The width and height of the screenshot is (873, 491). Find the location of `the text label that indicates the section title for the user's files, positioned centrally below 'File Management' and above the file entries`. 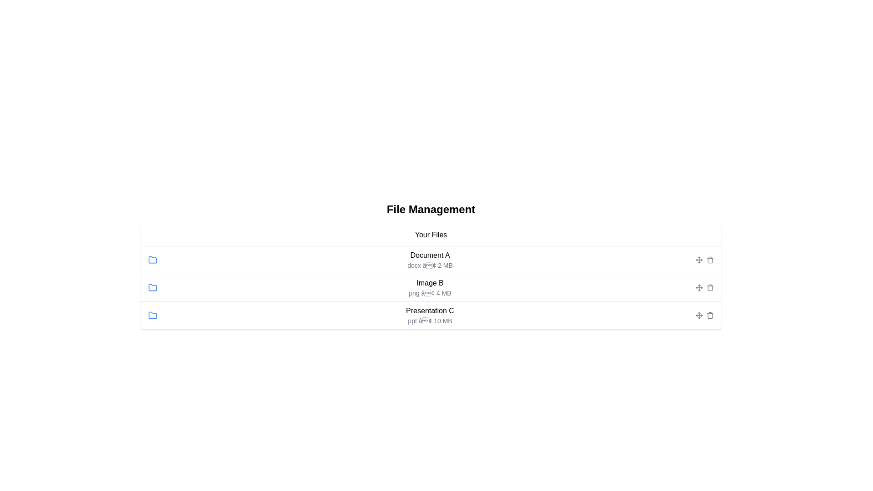

the text label that indicates the section title for the user's files, positioned centrally below 'File Management' and above the file entries is located at coordinates (431, 235).